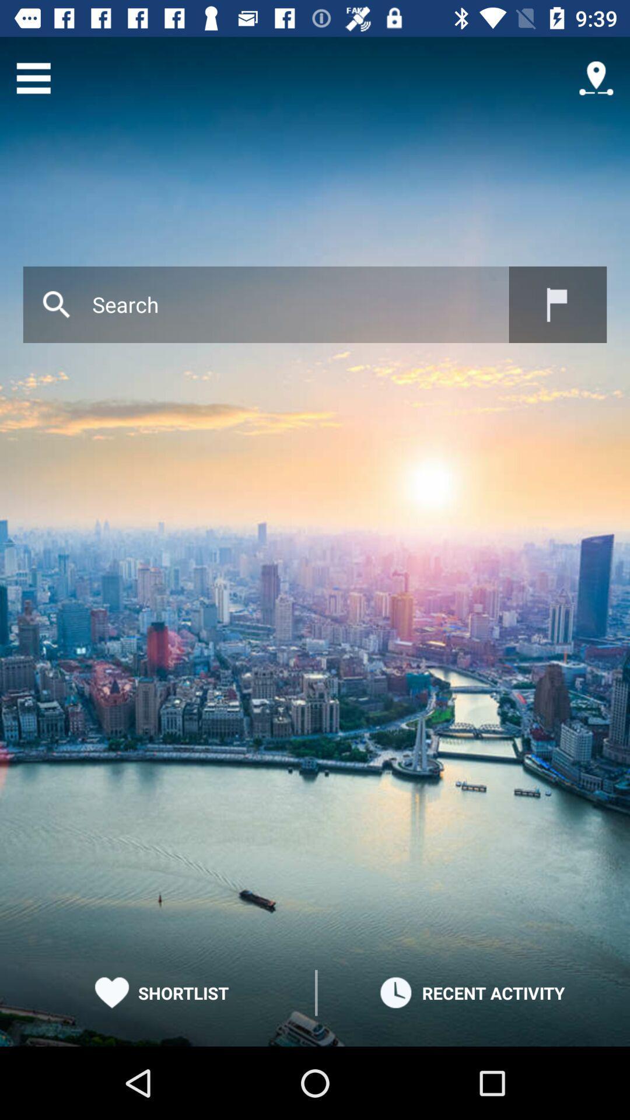 Image resolution: width=630 pixels, height=1120 pixels. Describe the element at coordinates (557, 304) in the screenshot. I see `flag search` at that location.